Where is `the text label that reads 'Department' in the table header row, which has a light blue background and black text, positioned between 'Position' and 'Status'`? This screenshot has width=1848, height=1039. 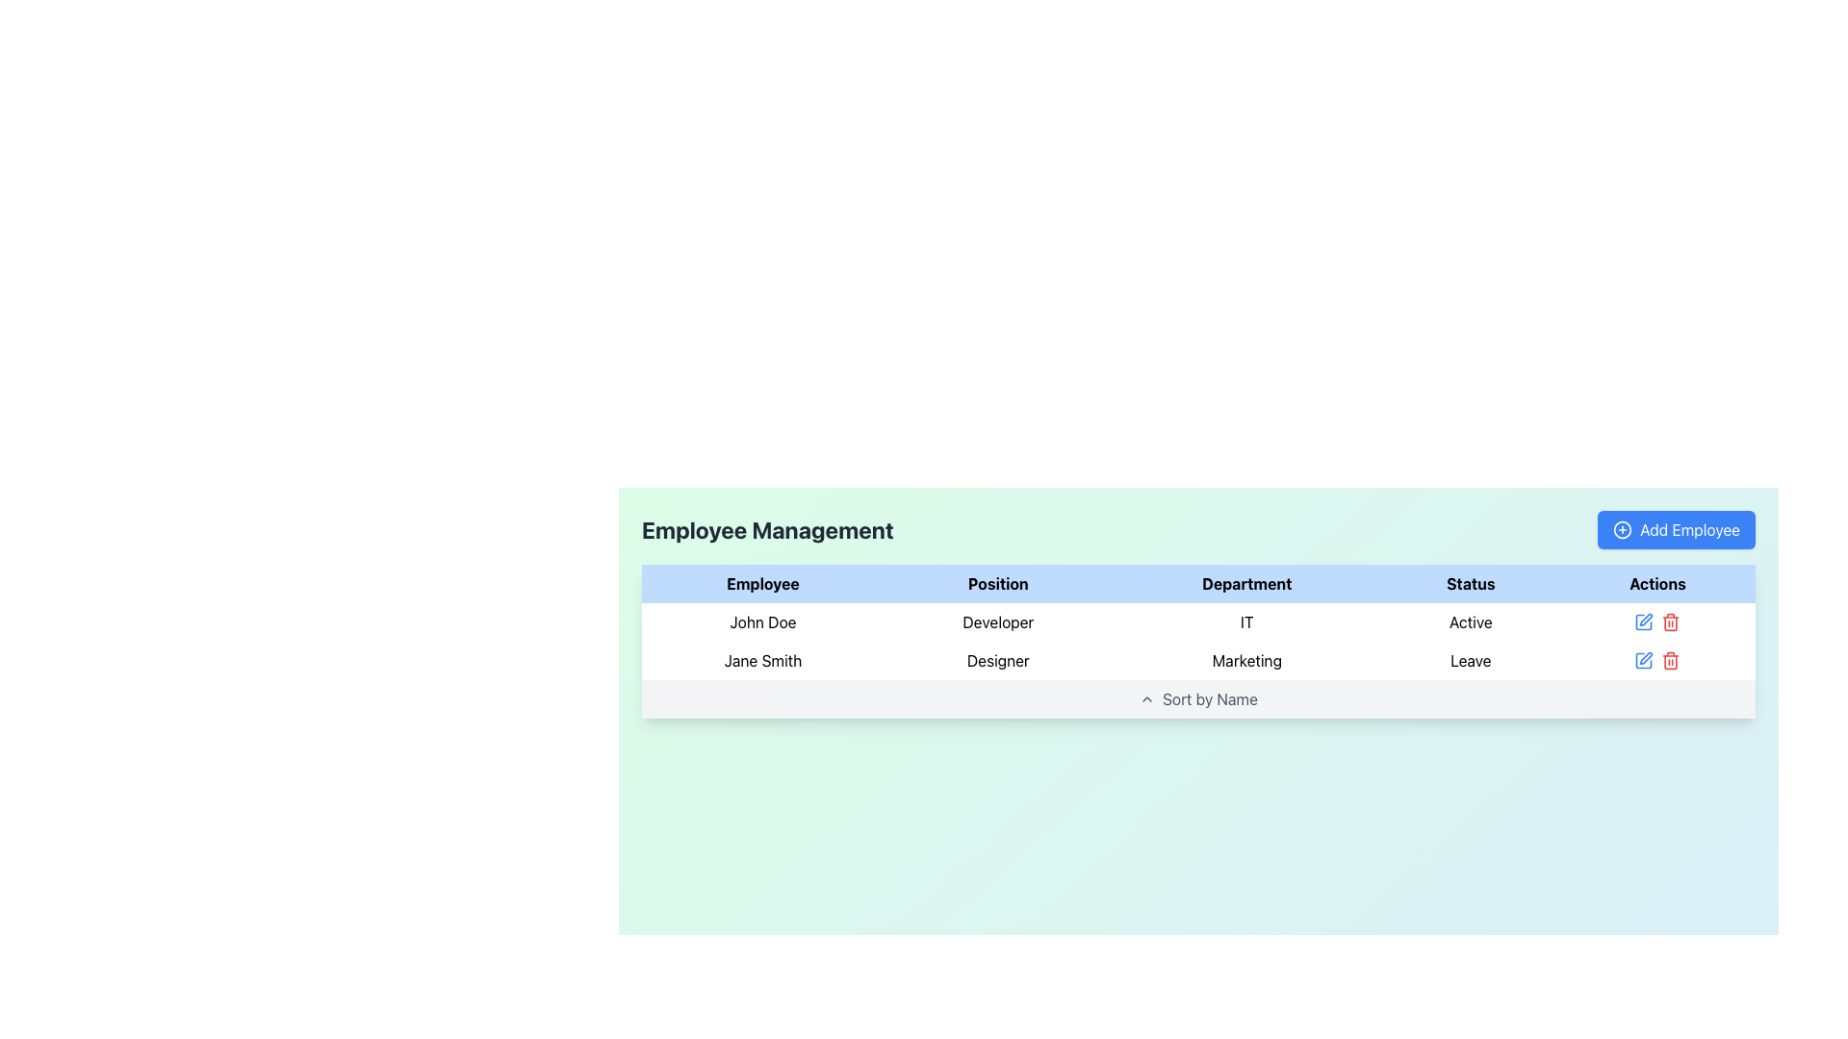 the text label that reads 'Department' in the table header row, which has a light blue background and black text, positioned between 'Position' and 'Status' is located at coordinates (1246, 582).